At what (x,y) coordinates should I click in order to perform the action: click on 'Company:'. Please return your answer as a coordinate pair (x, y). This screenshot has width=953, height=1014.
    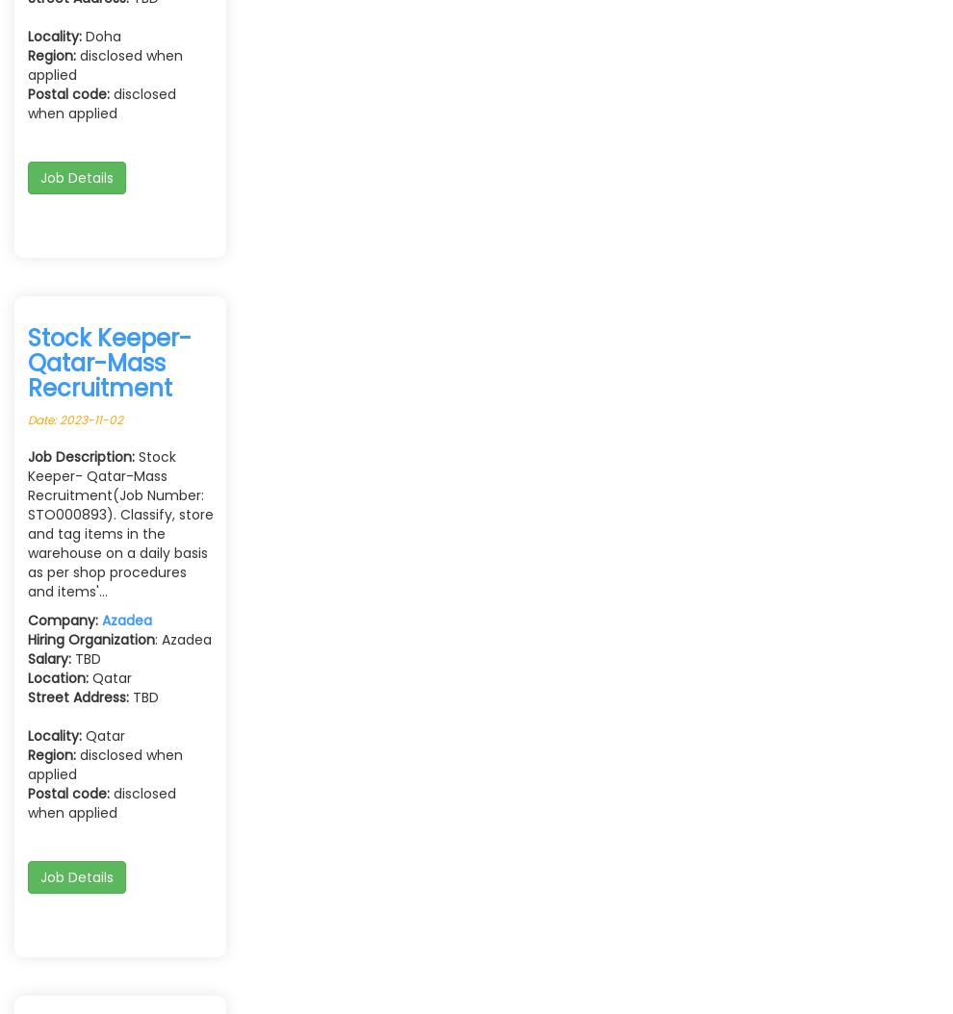
    Looking at the image, I should click on (27, 619).